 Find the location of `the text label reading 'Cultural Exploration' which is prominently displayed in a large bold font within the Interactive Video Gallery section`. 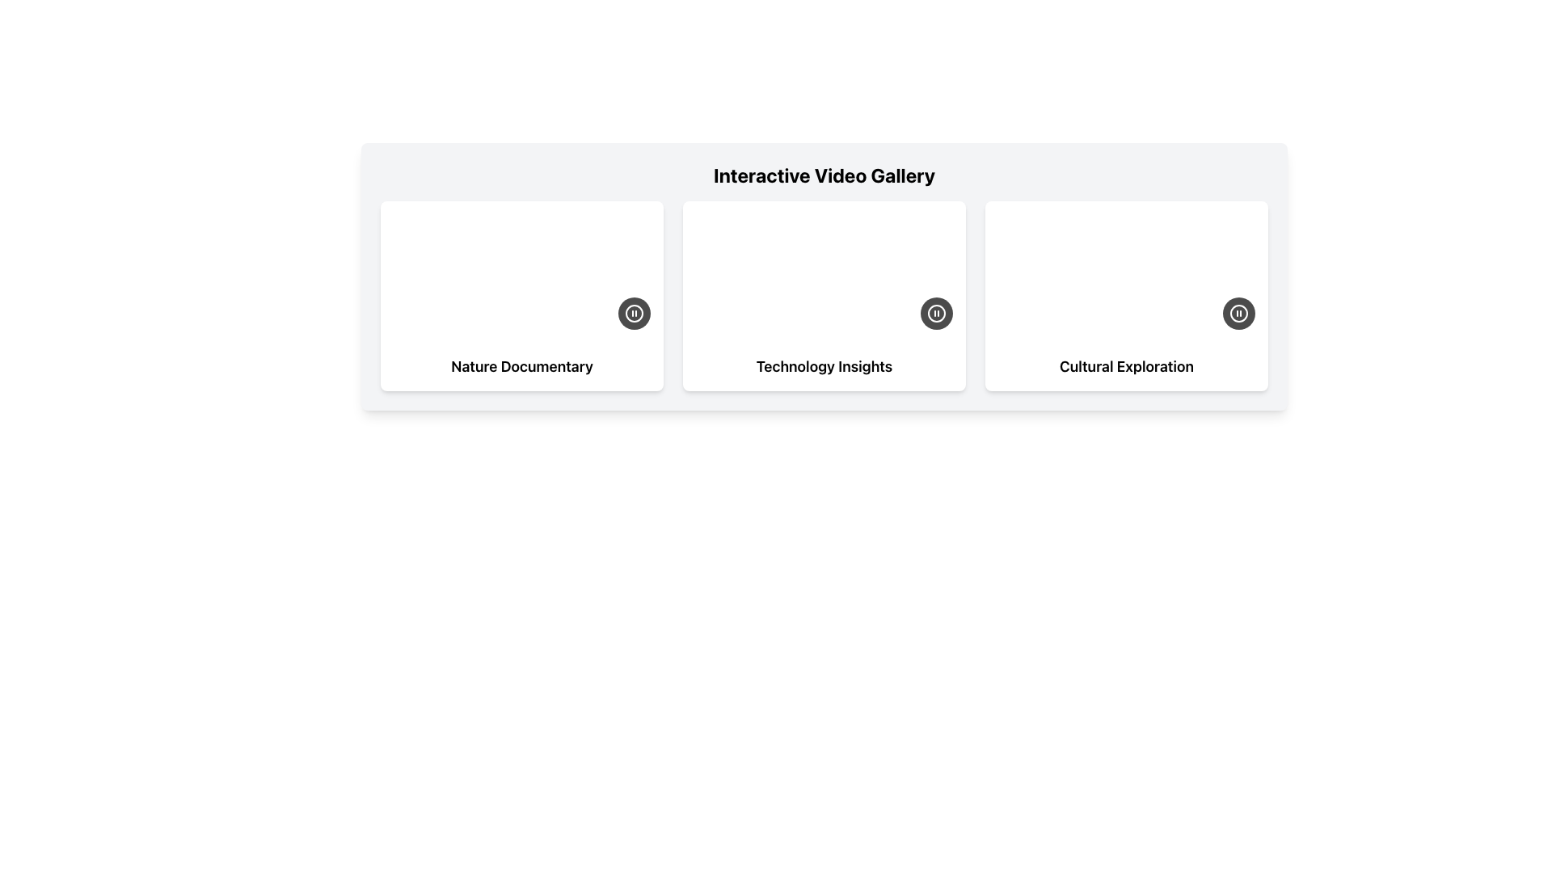

the text label reading 'Cultural Exploration' which is prominently displayed in a large bold font within the Interactive Video Gallery section is located at coordinates (1125, 367).